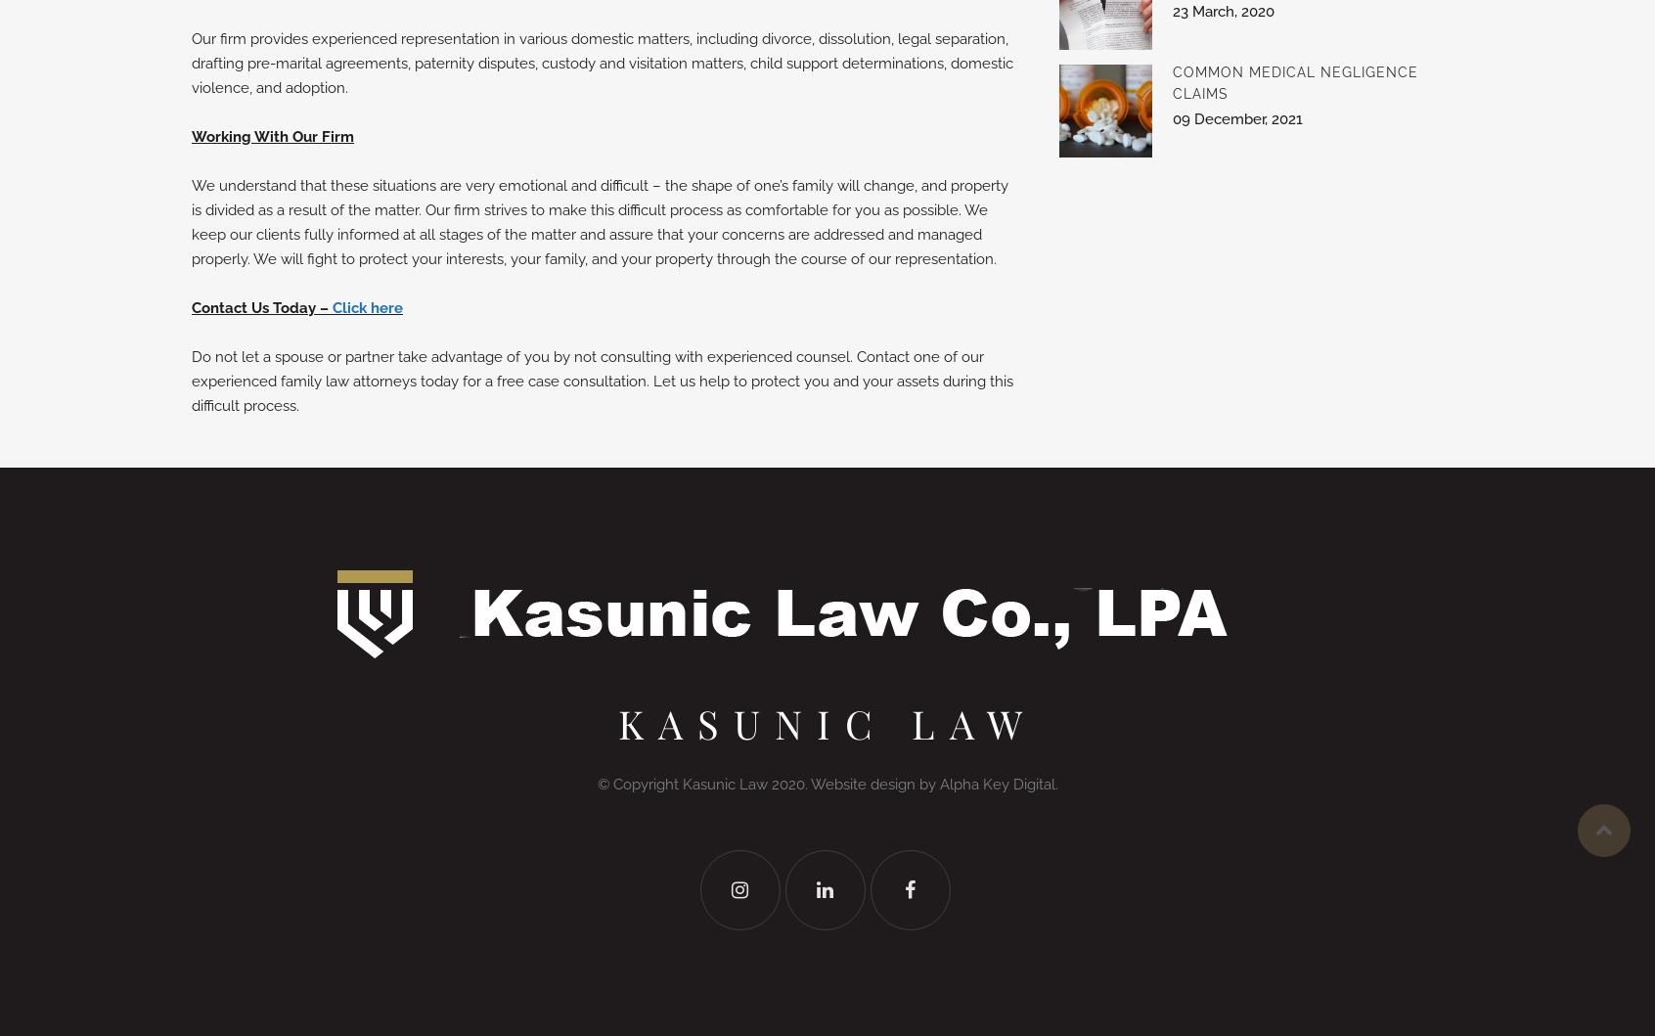 Image resolution: width=1655 pixels, height=1036 pixels. What do you see at coordinates (1236, 117) in the screenshot?
I see `'09 December, 2021'` at bounding box center [1236, 117].